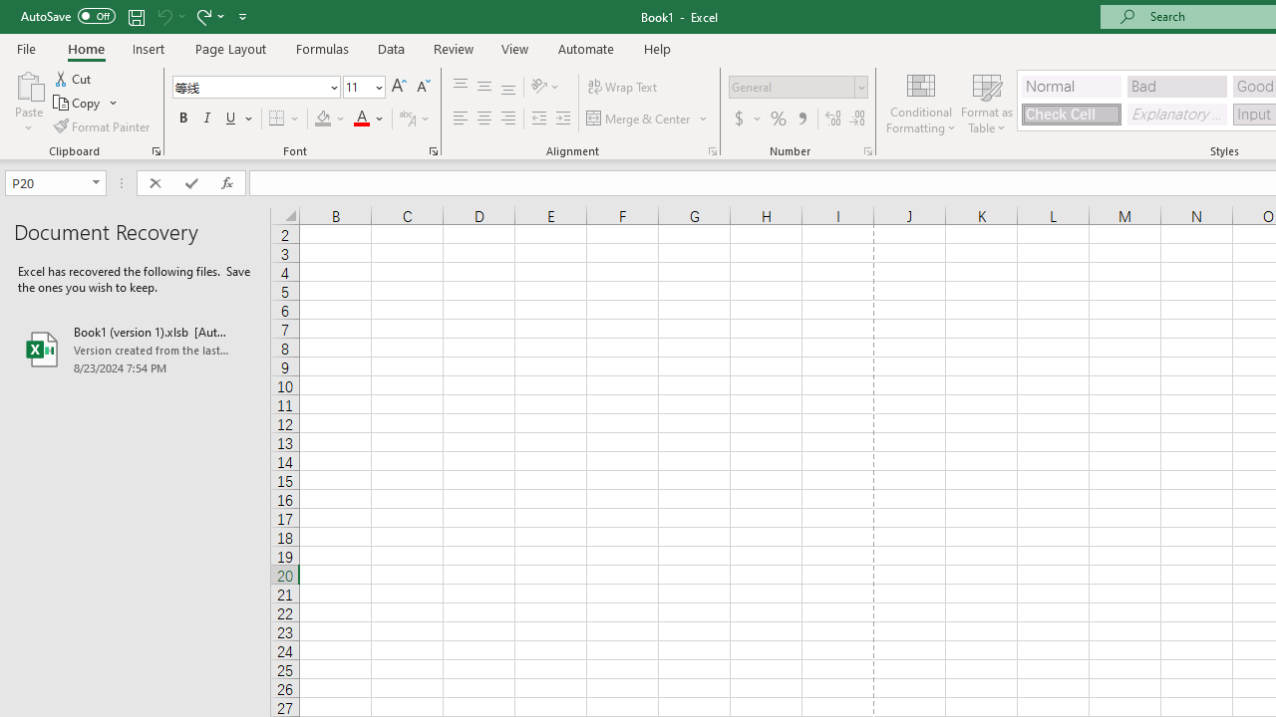 This screenshot has height=717, width=1276. I want to click on 'Copy', so click(85, 103).